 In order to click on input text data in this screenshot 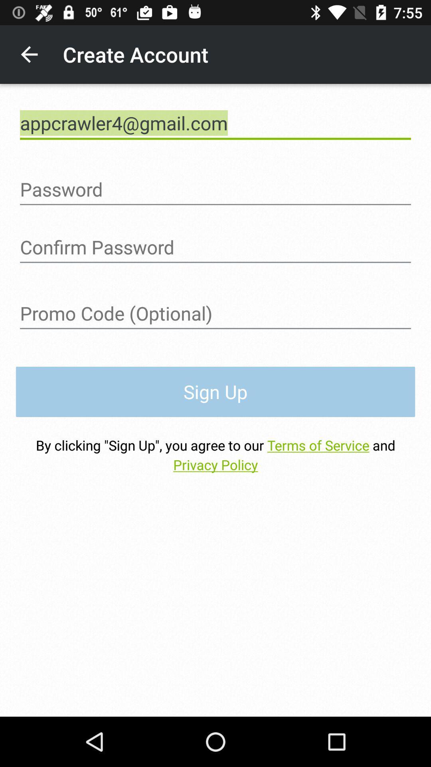, I will do `click(215, 313)`.